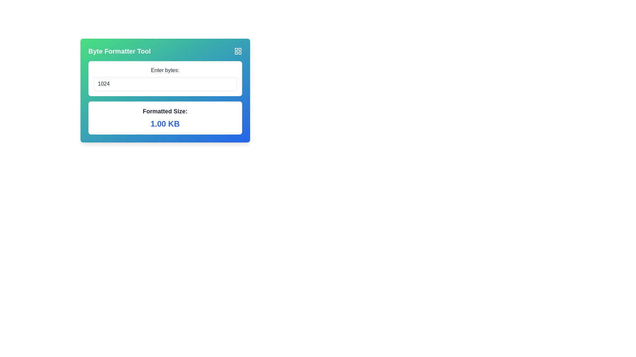  What do you see at coordinates (119, 51) in the screenshot?
I see `the header text label located at the top-left corner of the application interface to provide context to the user` at bounding box center [119, 51].